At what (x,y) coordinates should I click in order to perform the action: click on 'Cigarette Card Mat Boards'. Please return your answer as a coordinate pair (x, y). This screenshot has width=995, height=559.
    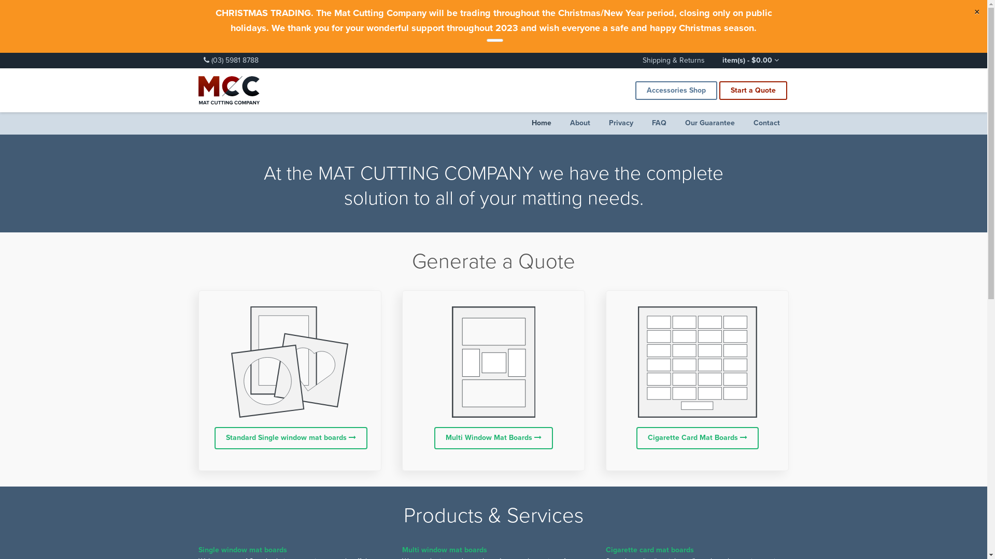
    Looking at the image, I should click on (697, 438).